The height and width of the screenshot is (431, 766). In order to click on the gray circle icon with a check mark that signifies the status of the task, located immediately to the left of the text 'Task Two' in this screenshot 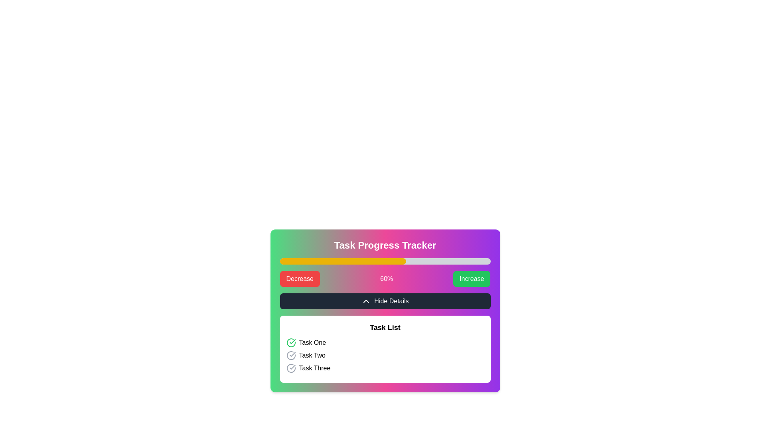, I will do `click(290, 355)`.